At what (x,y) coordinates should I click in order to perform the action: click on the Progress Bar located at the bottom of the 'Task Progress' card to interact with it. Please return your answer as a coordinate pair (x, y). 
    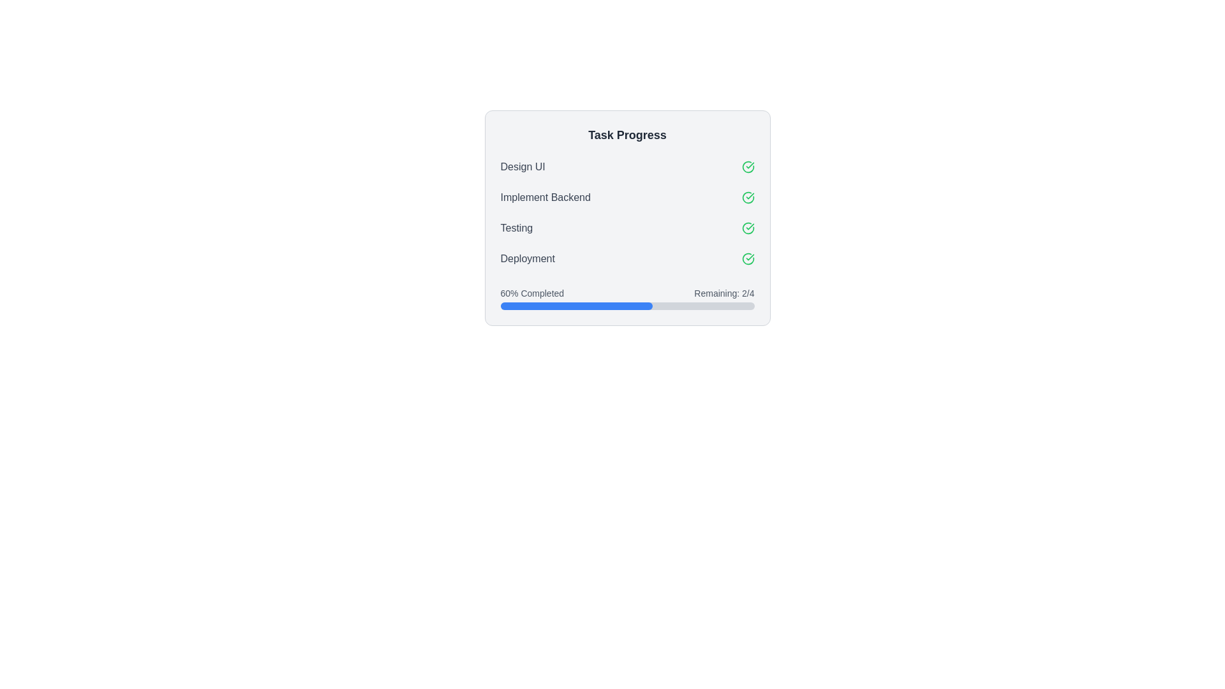
    Looking at the image, I should click on (627, 295).